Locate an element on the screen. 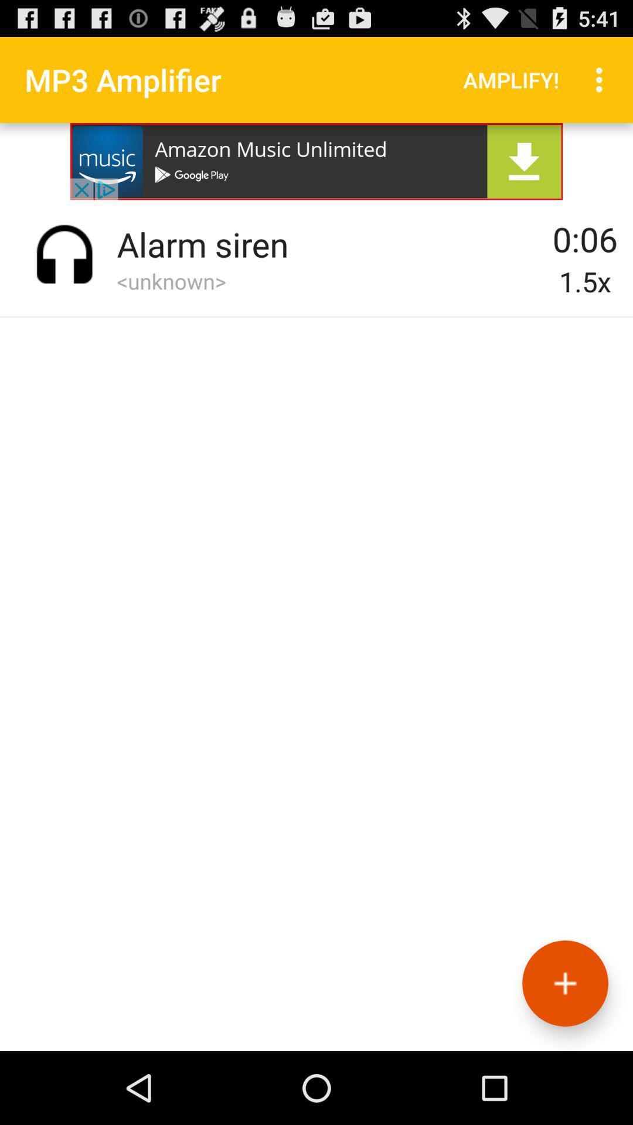  the add icon is located at coordinates (564, 1052).